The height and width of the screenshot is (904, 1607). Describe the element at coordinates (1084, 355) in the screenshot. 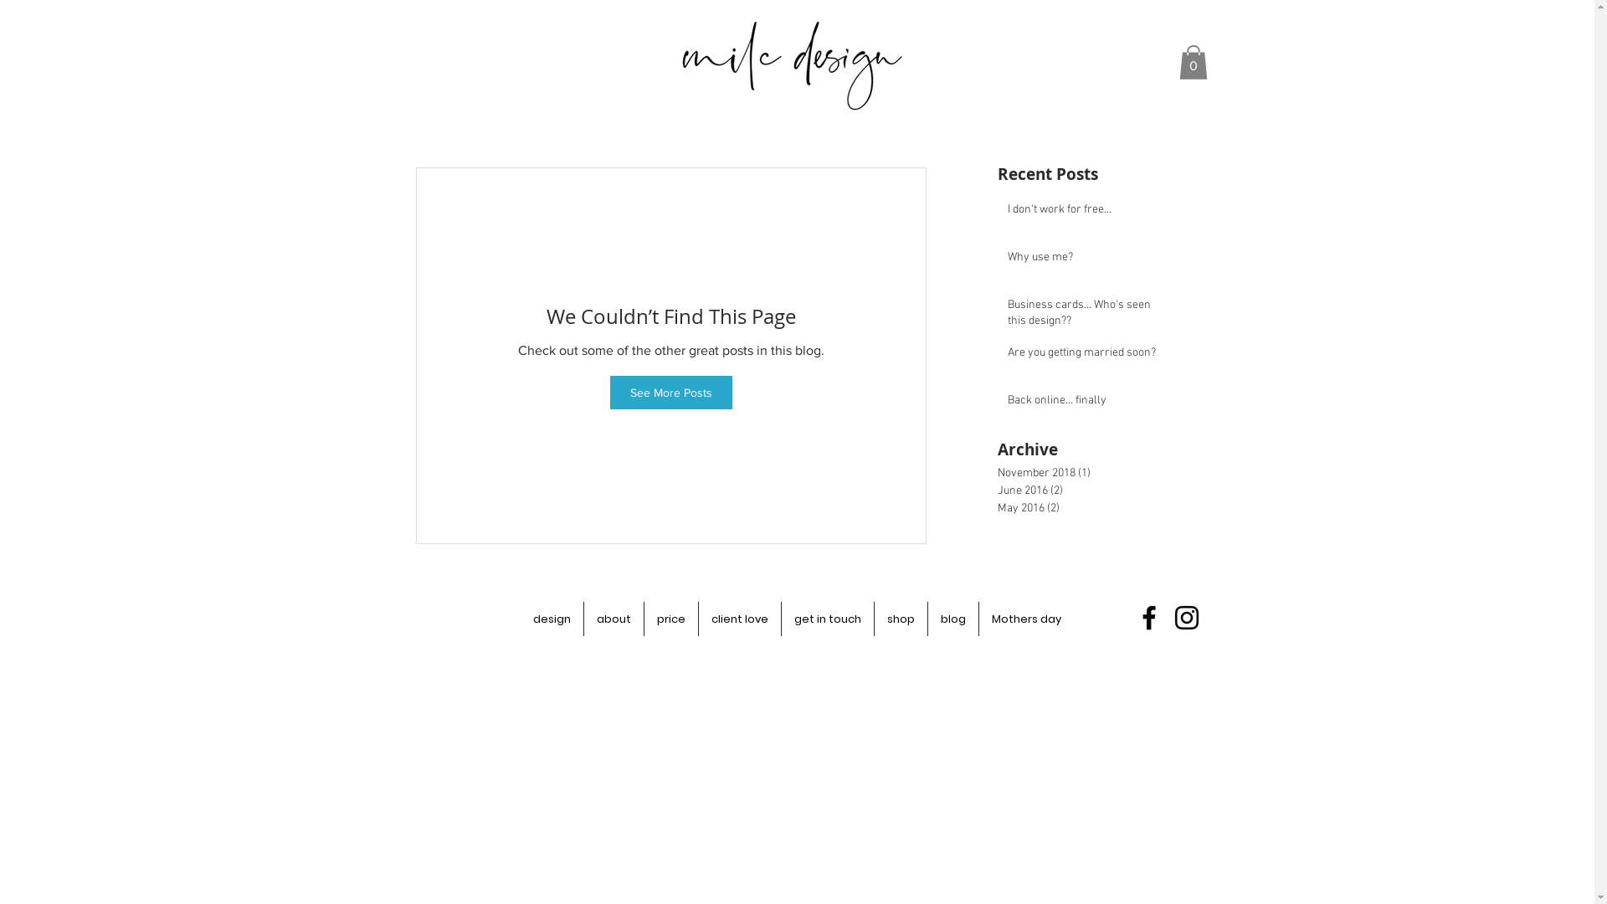

I see `'Are you getting married soon?'` at that location.